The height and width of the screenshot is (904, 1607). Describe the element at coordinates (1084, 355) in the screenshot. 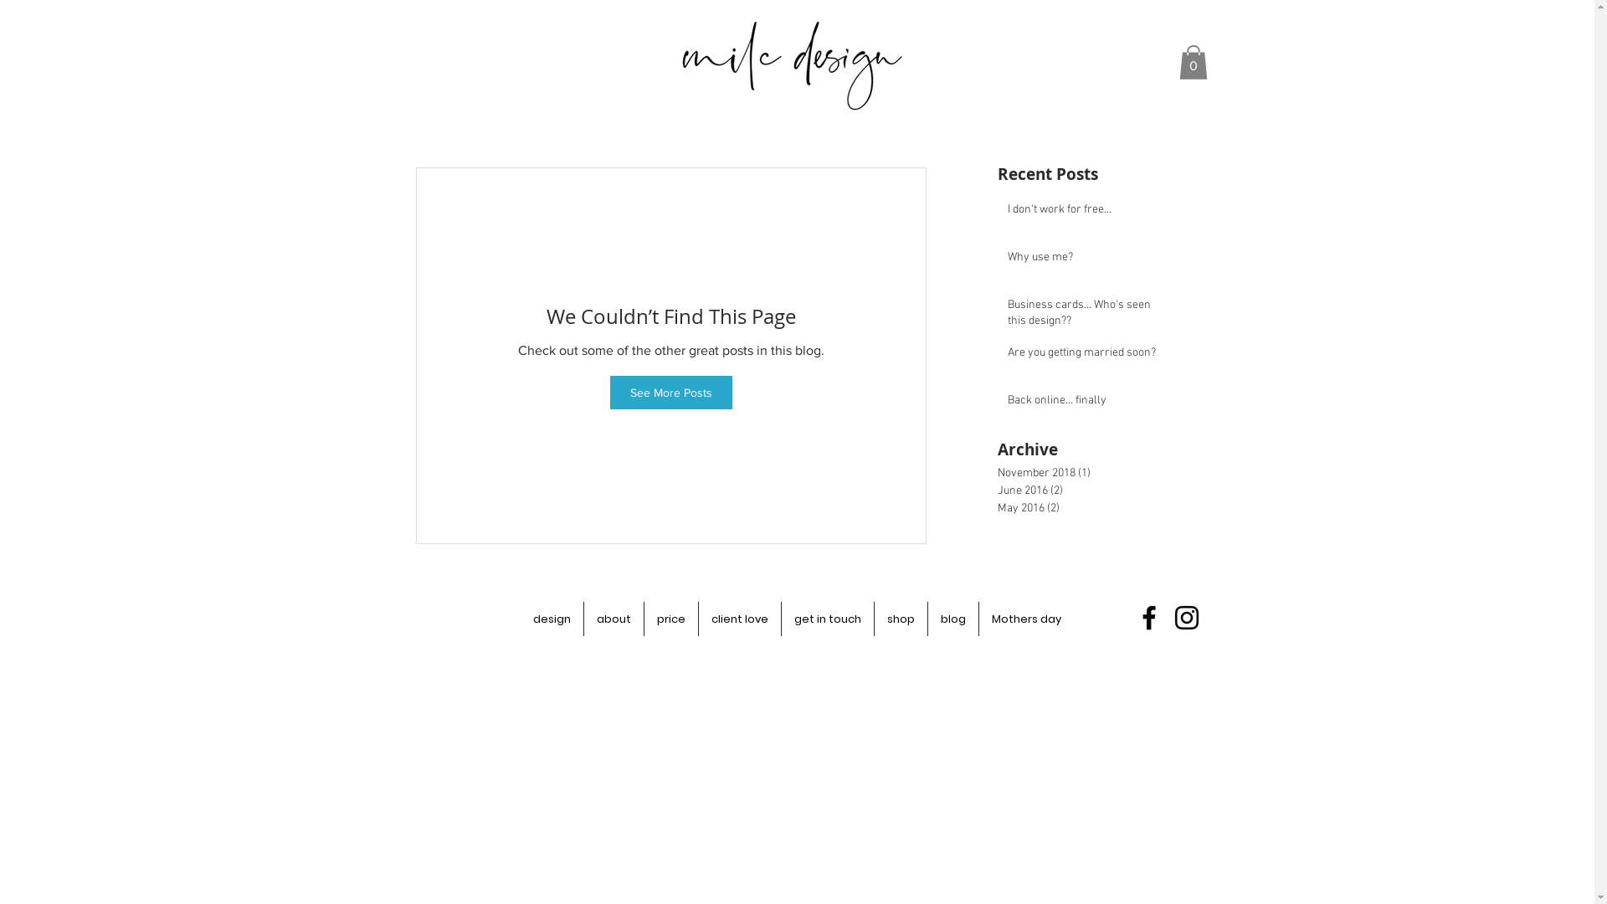

I see `'Are you getting married soon?'` at that location.